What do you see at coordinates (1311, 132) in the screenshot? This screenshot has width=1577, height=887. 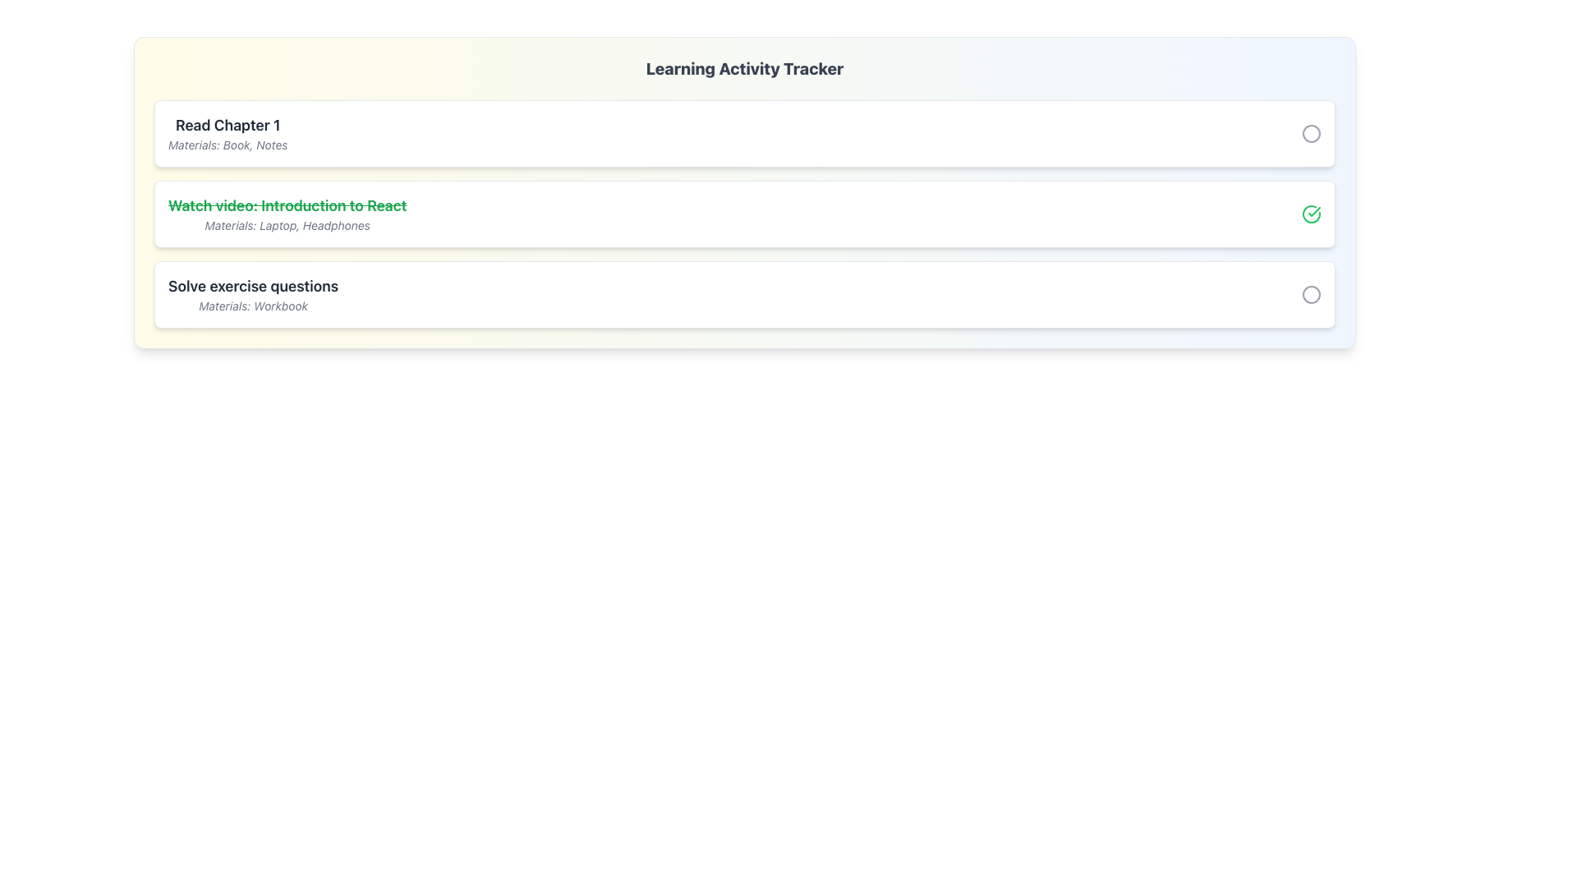 I see `the inner circle graphic within the SVG icon located at the top-right side of the first item in the list` at bounding box center [1311, 132].